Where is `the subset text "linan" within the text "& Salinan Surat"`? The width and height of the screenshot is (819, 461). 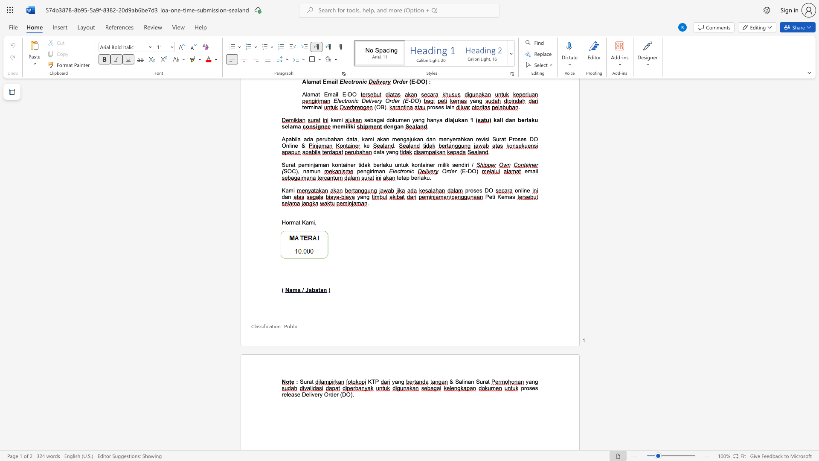 the subset text "linan" within the text "& Salinan Surat" is located at coordinates (462, 381).